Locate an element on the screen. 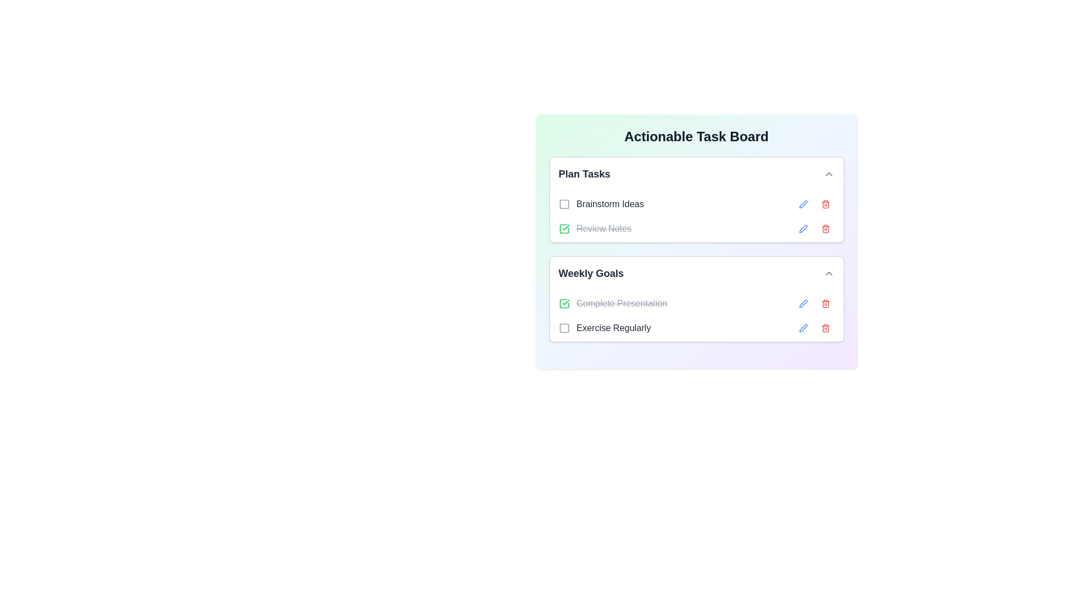  the checkbox icon indicating the completion state of the task 'Complete Presentation' located in the 'Weekly Goals' section is located at coordinates (564, 303).